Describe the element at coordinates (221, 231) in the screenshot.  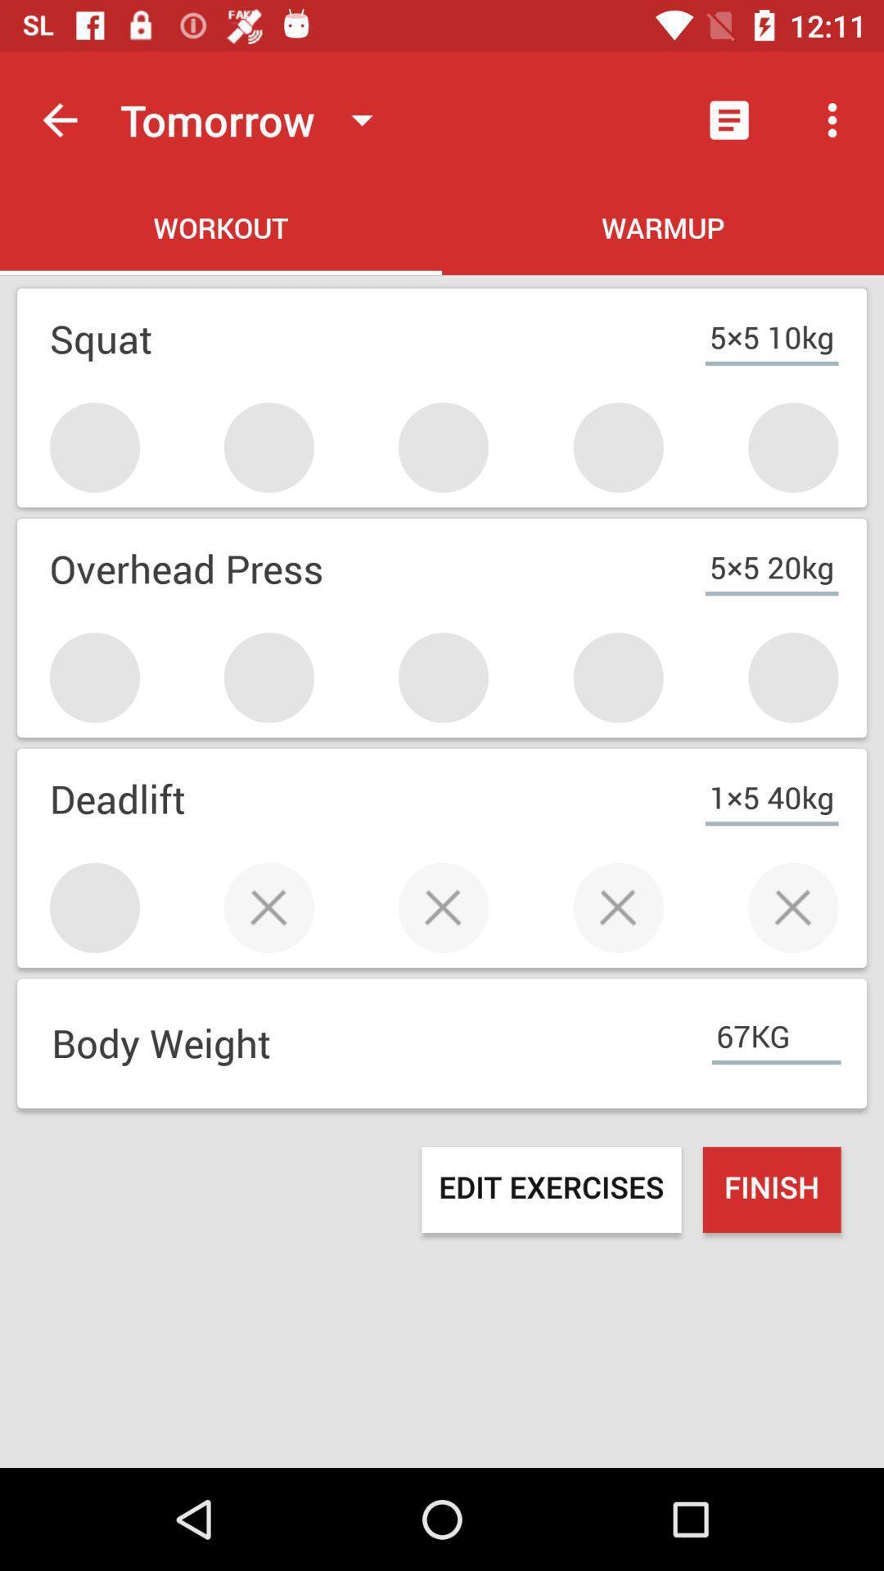
I see `the item to the left of the warmup icon` at that location.